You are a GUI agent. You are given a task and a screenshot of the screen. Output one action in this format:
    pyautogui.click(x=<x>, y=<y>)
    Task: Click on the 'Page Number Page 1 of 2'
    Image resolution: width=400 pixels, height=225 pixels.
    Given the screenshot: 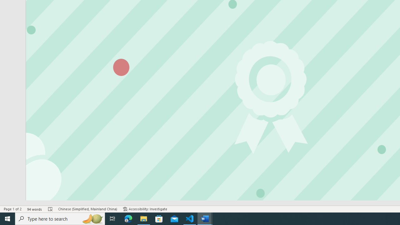 What is the action you would take?
    pyautogui.click(x=12, y=209)
    